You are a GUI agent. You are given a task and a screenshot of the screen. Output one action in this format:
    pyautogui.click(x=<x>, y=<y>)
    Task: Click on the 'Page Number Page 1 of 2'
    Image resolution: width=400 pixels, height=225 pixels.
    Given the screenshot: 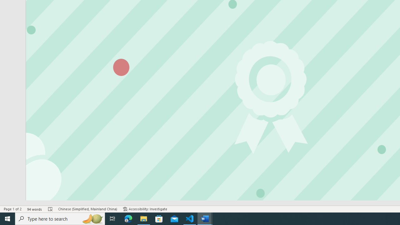 What is the action you would take?
    pyautogui.click(x=12, y=209)
    